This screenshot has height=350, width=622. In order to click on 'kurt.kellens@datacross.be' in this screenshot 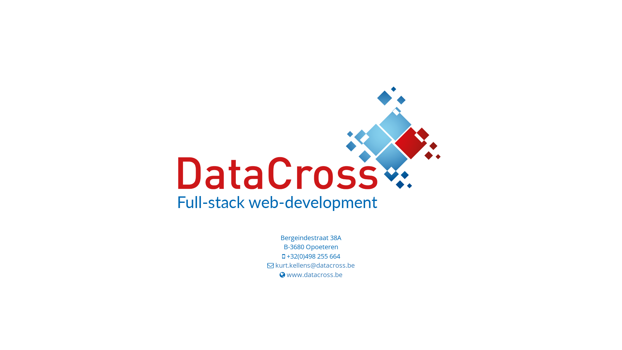, I will do `click(315, 265)`.